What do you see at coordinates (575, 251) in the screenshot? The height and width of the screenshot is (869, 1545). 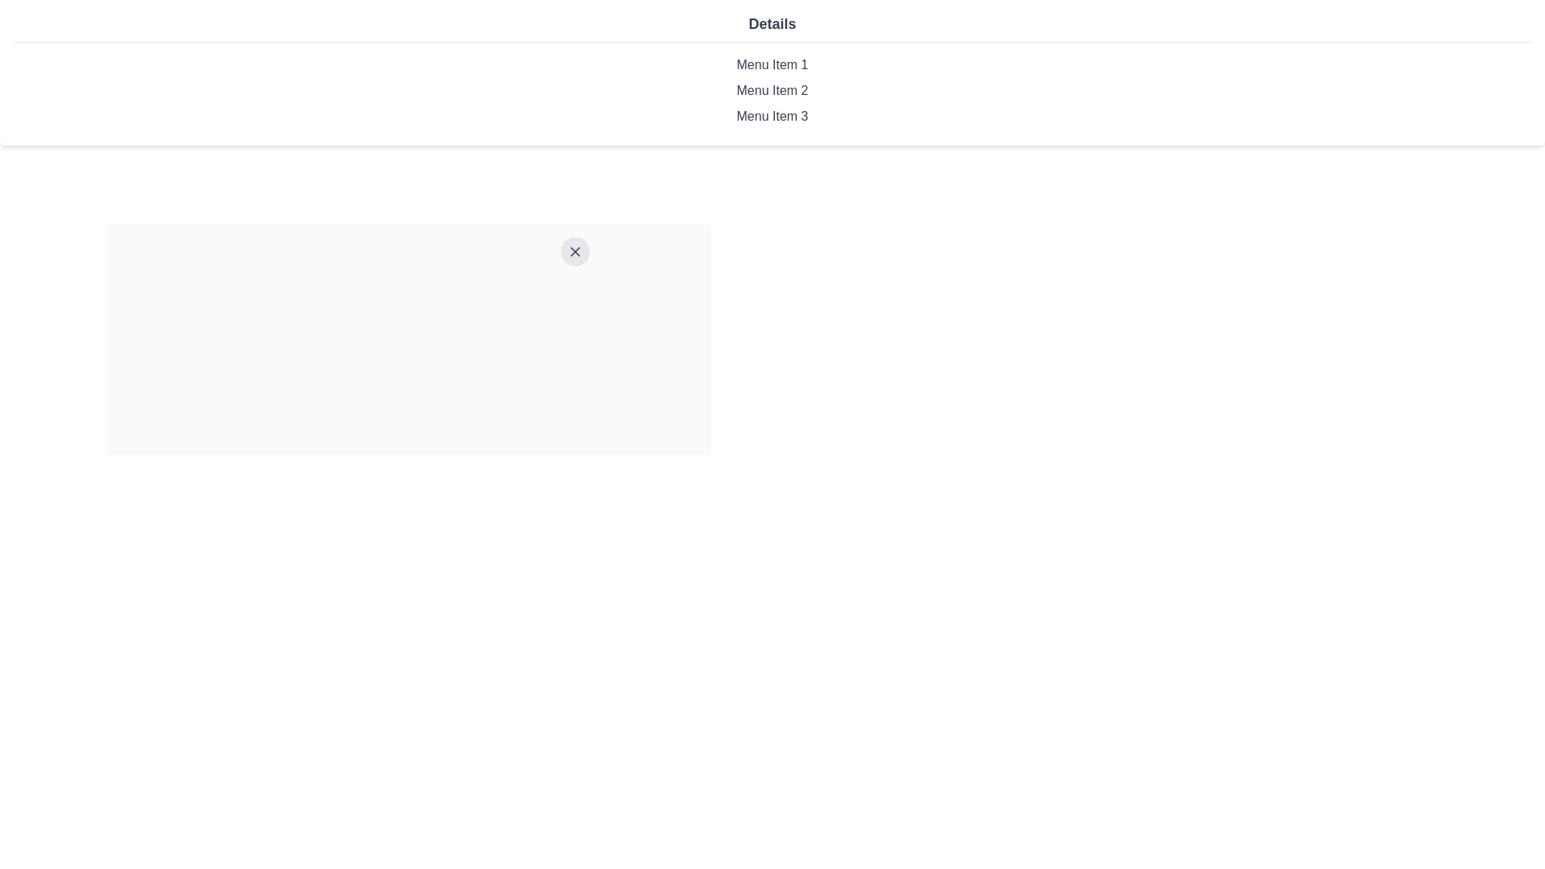 I see `the SVG cross icon inside the gray circular button located at the top-right corner of the white rectangular area` at bounding box center [575, 251].